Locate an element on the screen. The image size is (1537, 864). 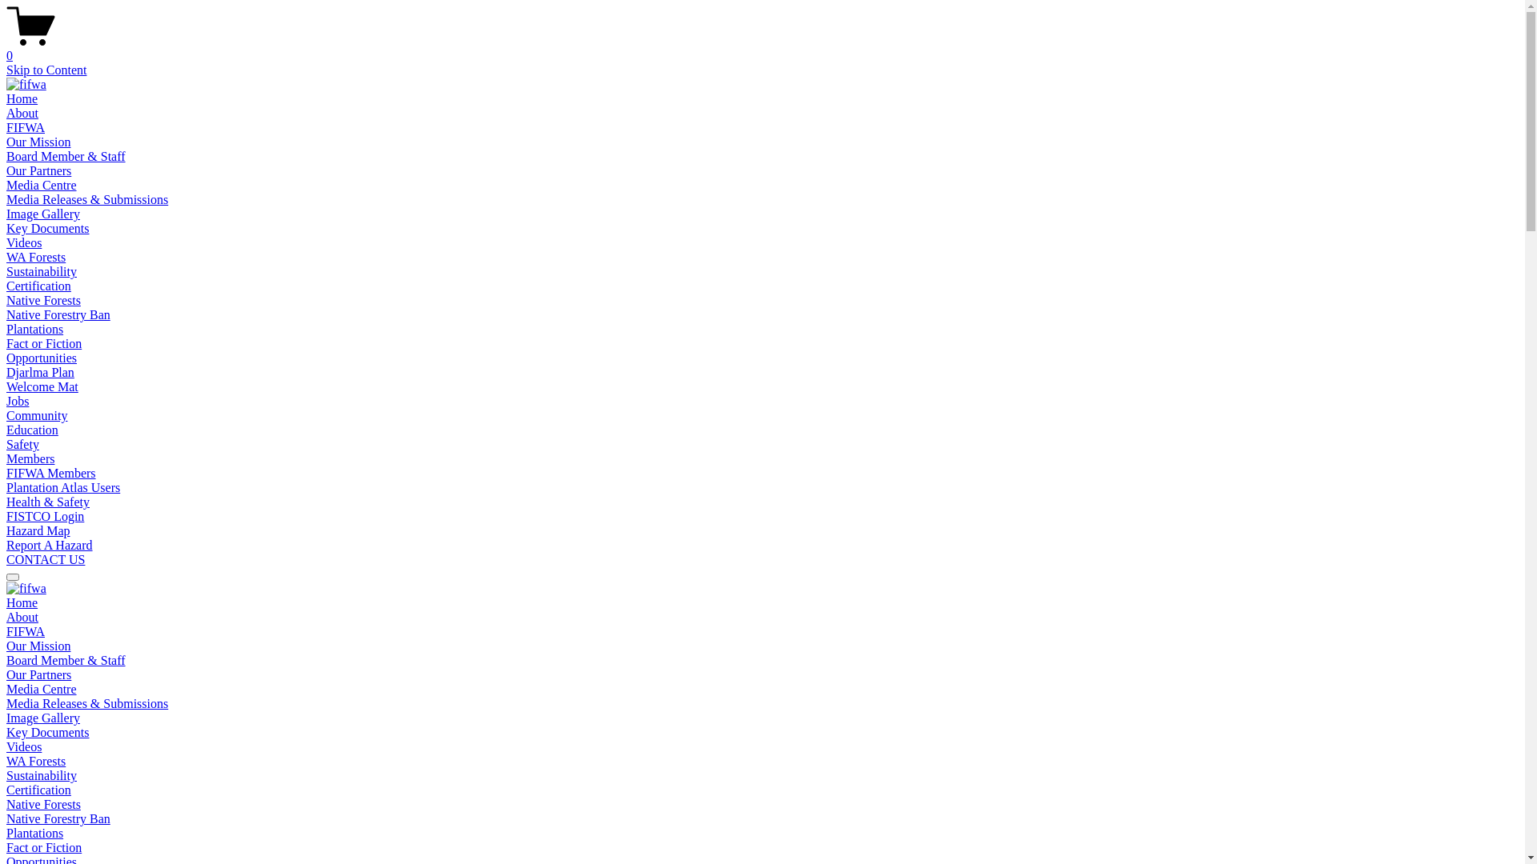
'Certification' is located at coordinates (38, 285).